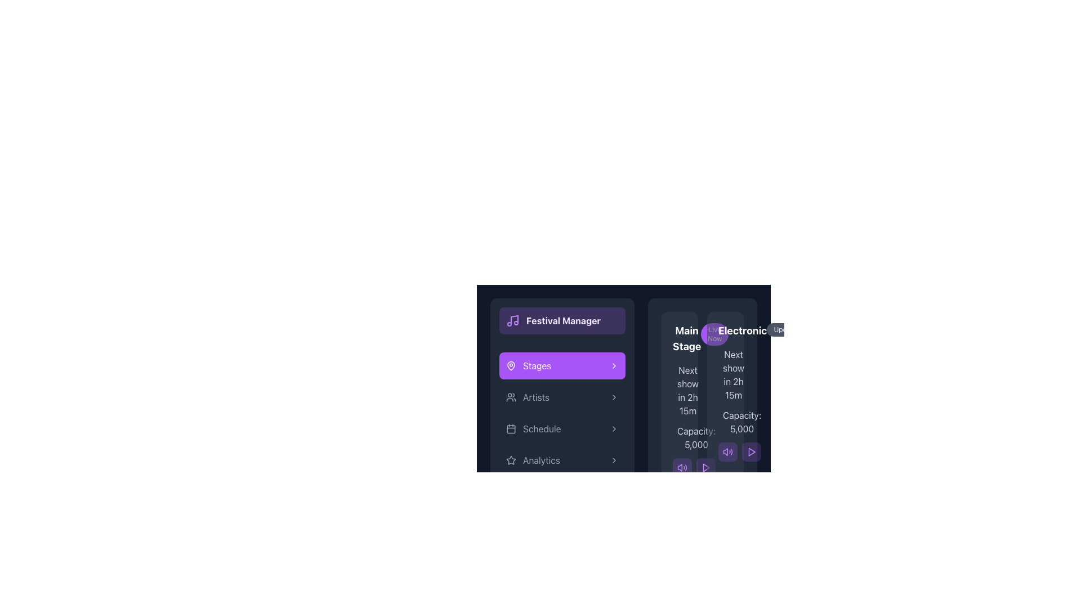  I want to click on the rightward-pointing chevron icon located at the far right of the row associated with the text 'Analytics', so click(613, 460).